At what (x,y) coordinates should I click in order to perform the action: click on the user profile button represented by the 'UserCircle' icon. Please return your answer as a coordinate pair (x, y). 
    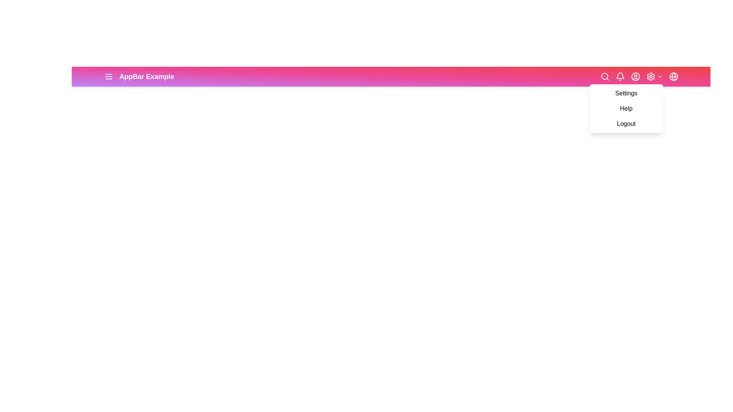
    Looking at the image, I should click on (635, 76).